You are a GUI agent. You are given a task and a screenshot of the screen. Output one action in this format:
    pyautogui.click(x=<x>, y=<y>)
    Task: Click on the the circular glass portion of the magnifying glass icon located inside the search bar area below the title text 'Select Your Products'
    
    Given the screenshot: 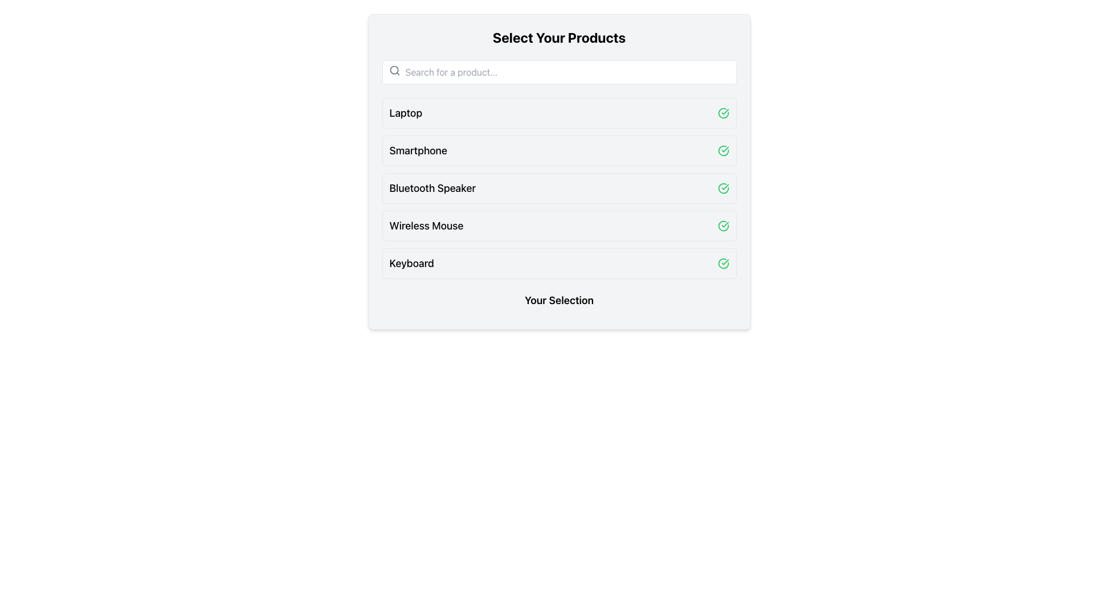 What is the action you would take?
    pyautogui.click(x=394, y=70)
    